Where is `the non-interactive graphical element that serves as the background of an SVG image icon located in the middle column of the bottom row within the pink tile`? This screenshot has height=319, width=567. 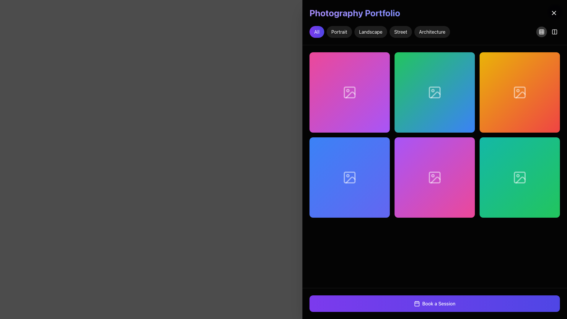
the non-interactive graphical element that serves as the background of an SVG image icon located in the middle column of the bottom row within the pink tile is located at coordinates (435, 177).